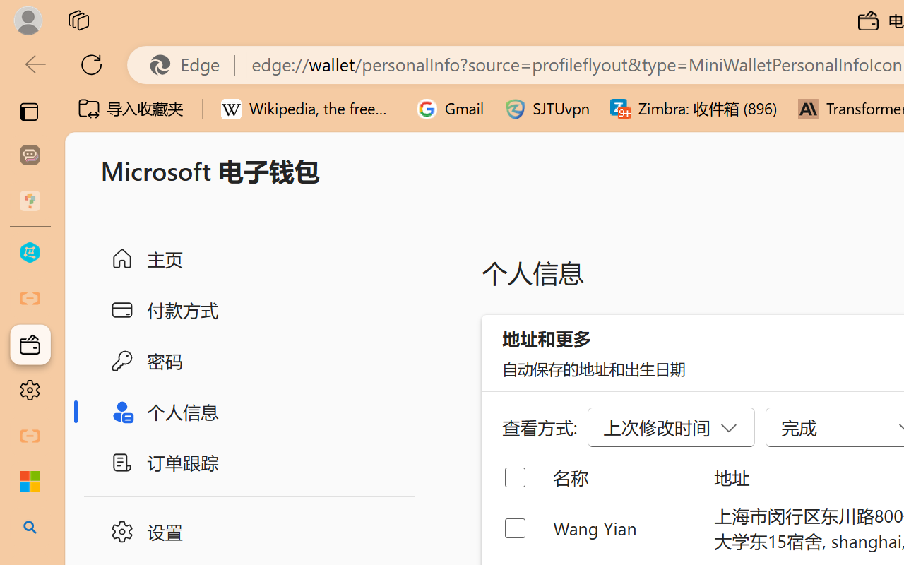 Image resolution: width=904 pixels, height=565 pixels. What do you see at coordinates (30, 482) in the screenshot?
I see `'Microsoft security help and learning'` at bounding box center [30, 482].